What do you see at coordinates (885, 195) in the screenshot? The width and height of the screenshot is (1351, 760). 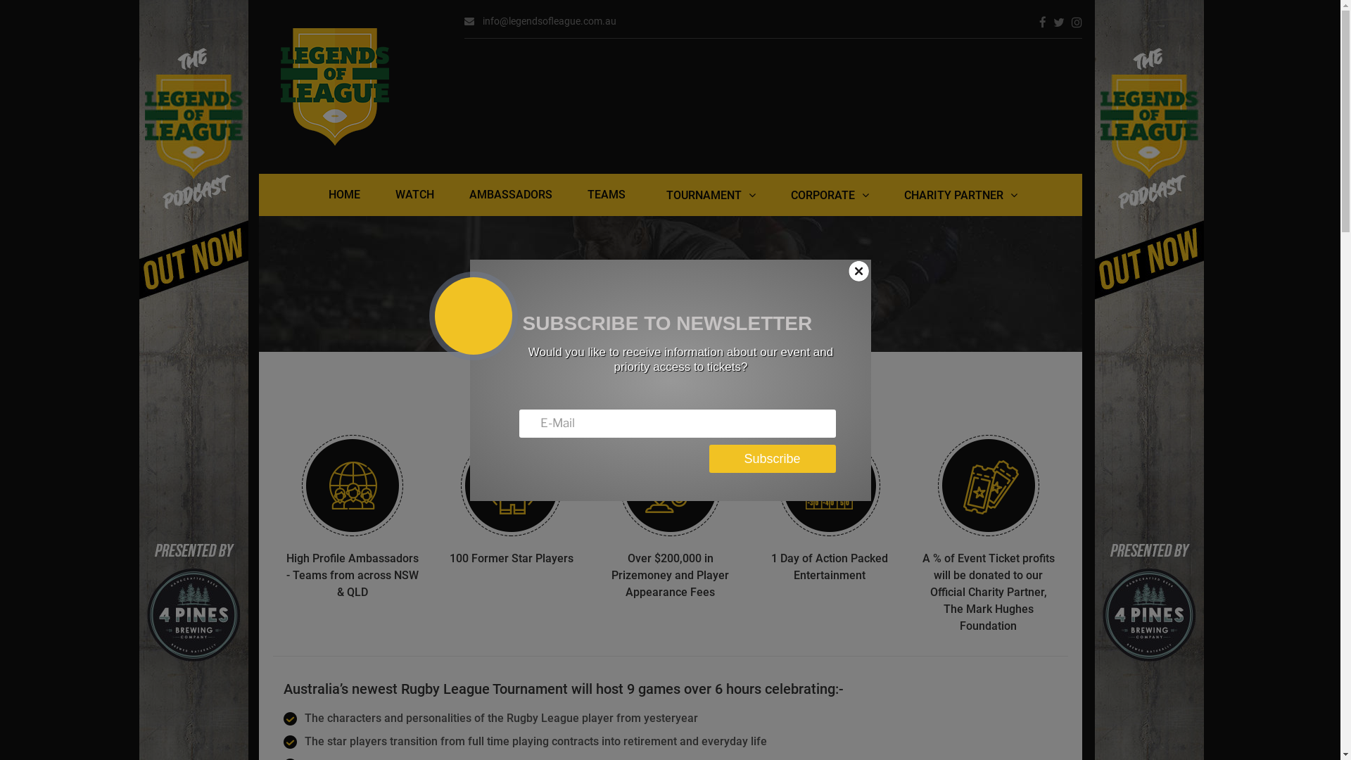 I see `'CHARITY PARTNER'` at bounding box center [885, 195].